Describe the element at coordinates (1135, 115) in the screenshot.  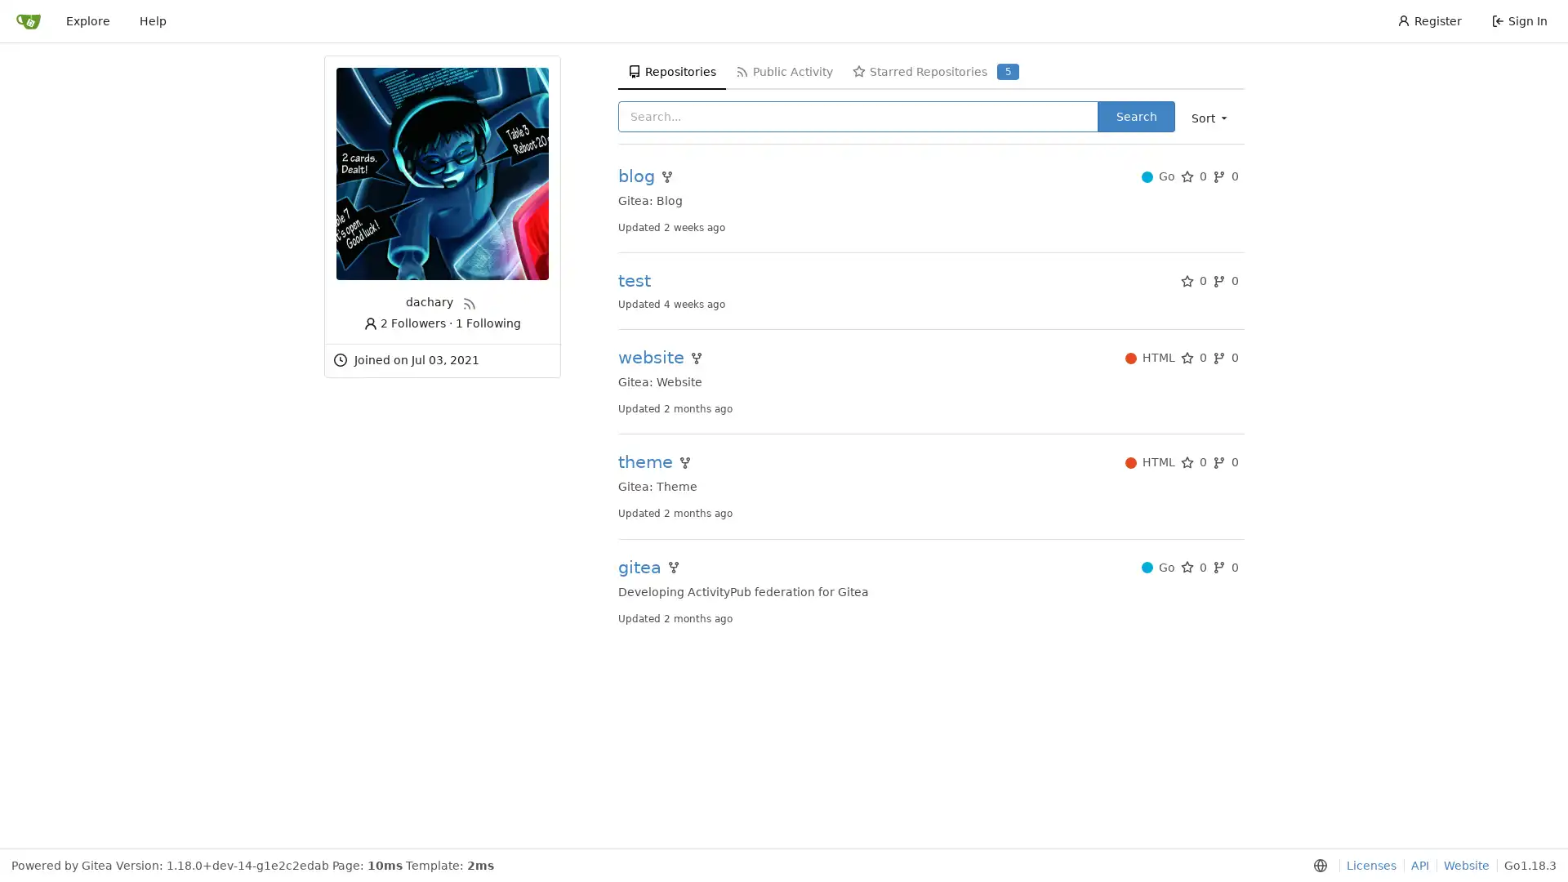
I see `Search` at that location.